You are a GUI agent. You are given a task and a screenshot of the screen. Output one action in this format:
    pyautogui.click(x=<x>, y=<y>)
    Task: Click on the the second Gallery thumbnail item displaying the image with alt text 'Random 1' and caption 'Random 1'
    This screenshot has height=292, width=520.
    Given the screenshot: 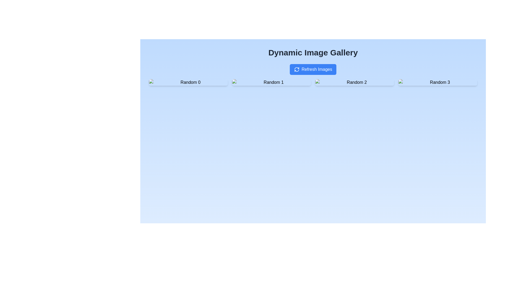 What is the action you would take?
    pyautogui.click(x=271, y=82)
    